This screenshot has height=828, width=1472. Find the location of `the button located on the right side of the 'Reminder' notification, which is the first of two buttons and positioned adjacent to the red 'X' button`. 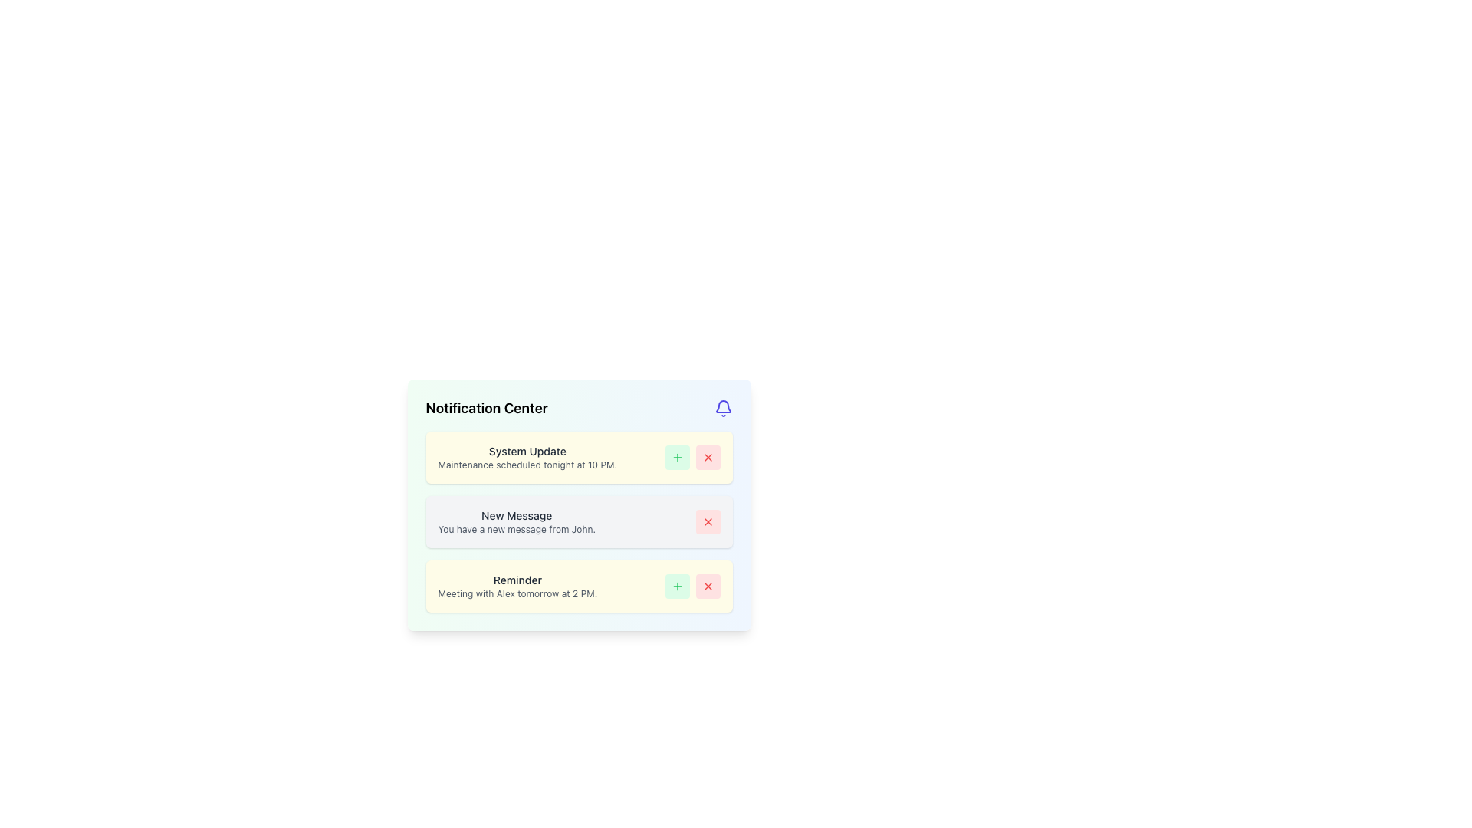

the button located on the right side of the 'Reminder' notification, which is the first of two buttons and positioned adjacent to the red 'X' button is located at coordinates (676, 586).